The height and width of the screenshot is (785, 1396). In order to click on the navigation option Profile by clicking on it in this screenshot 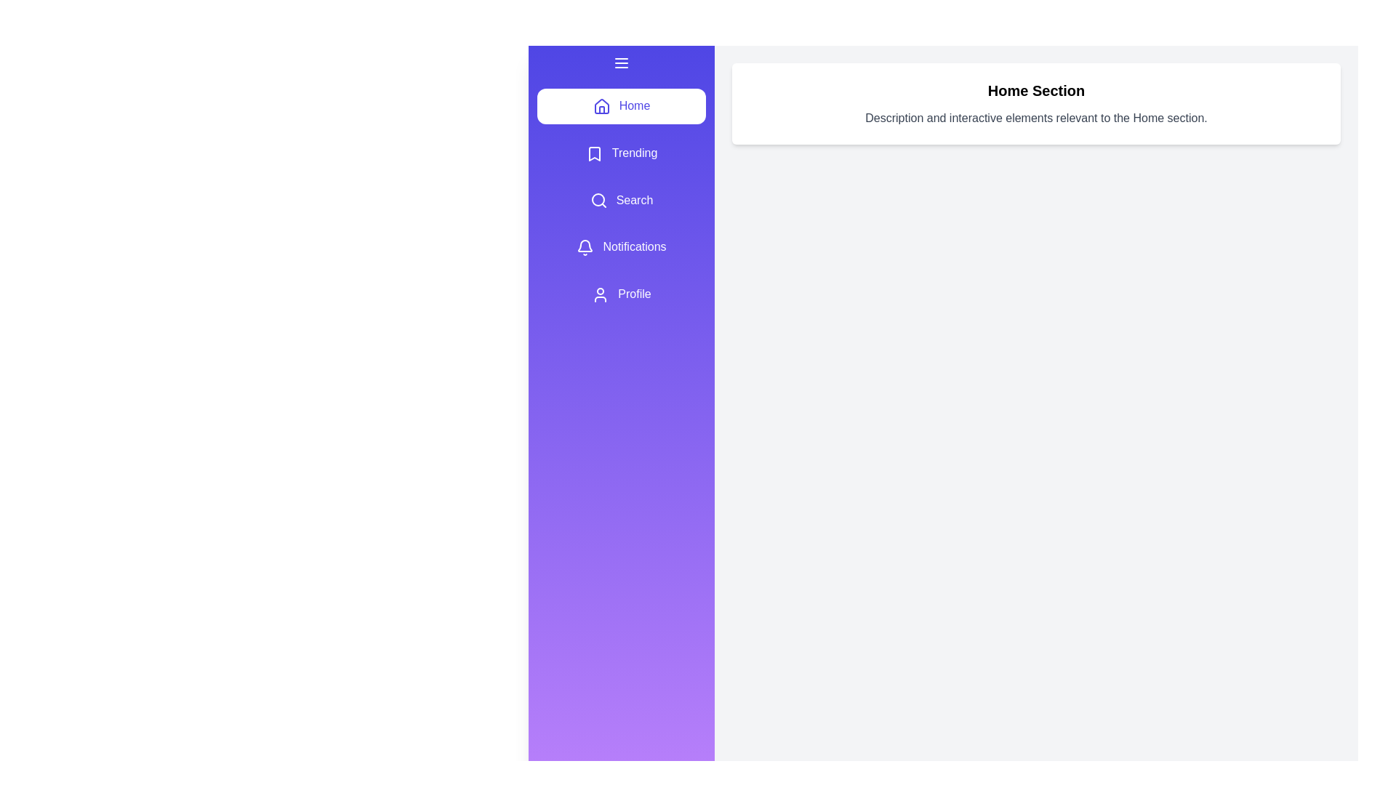, I will do `click(621, 294)`.